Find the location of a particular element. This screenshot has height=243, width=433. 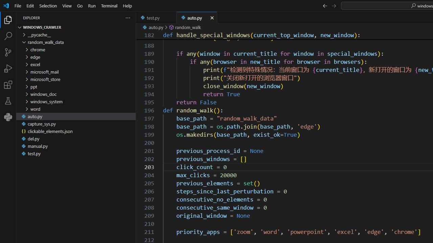

'Selection' is located at coordinates (48, 5).